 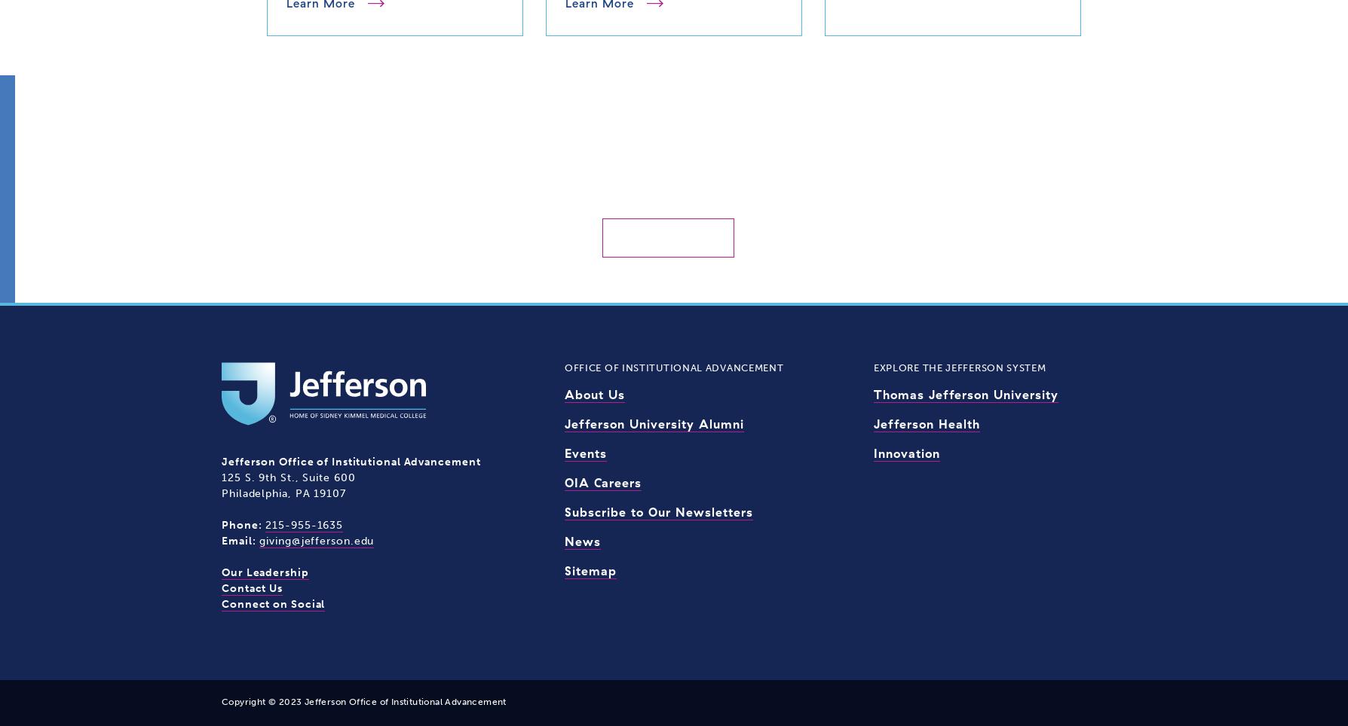 I want to click on '215-955-1635', so click(x=303, y=524).